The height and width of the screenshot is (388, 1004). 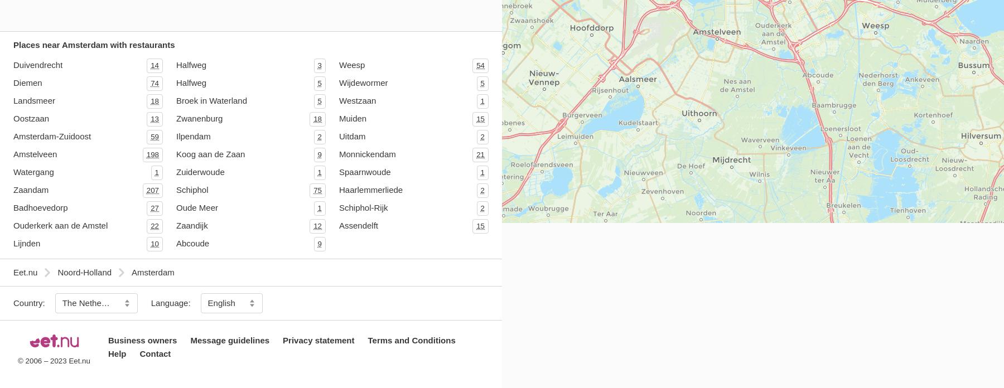 What do you see at coordinates (191, 225) in the screenshot?
I see `'Zaandijk'` at bounding box center [191, 225].